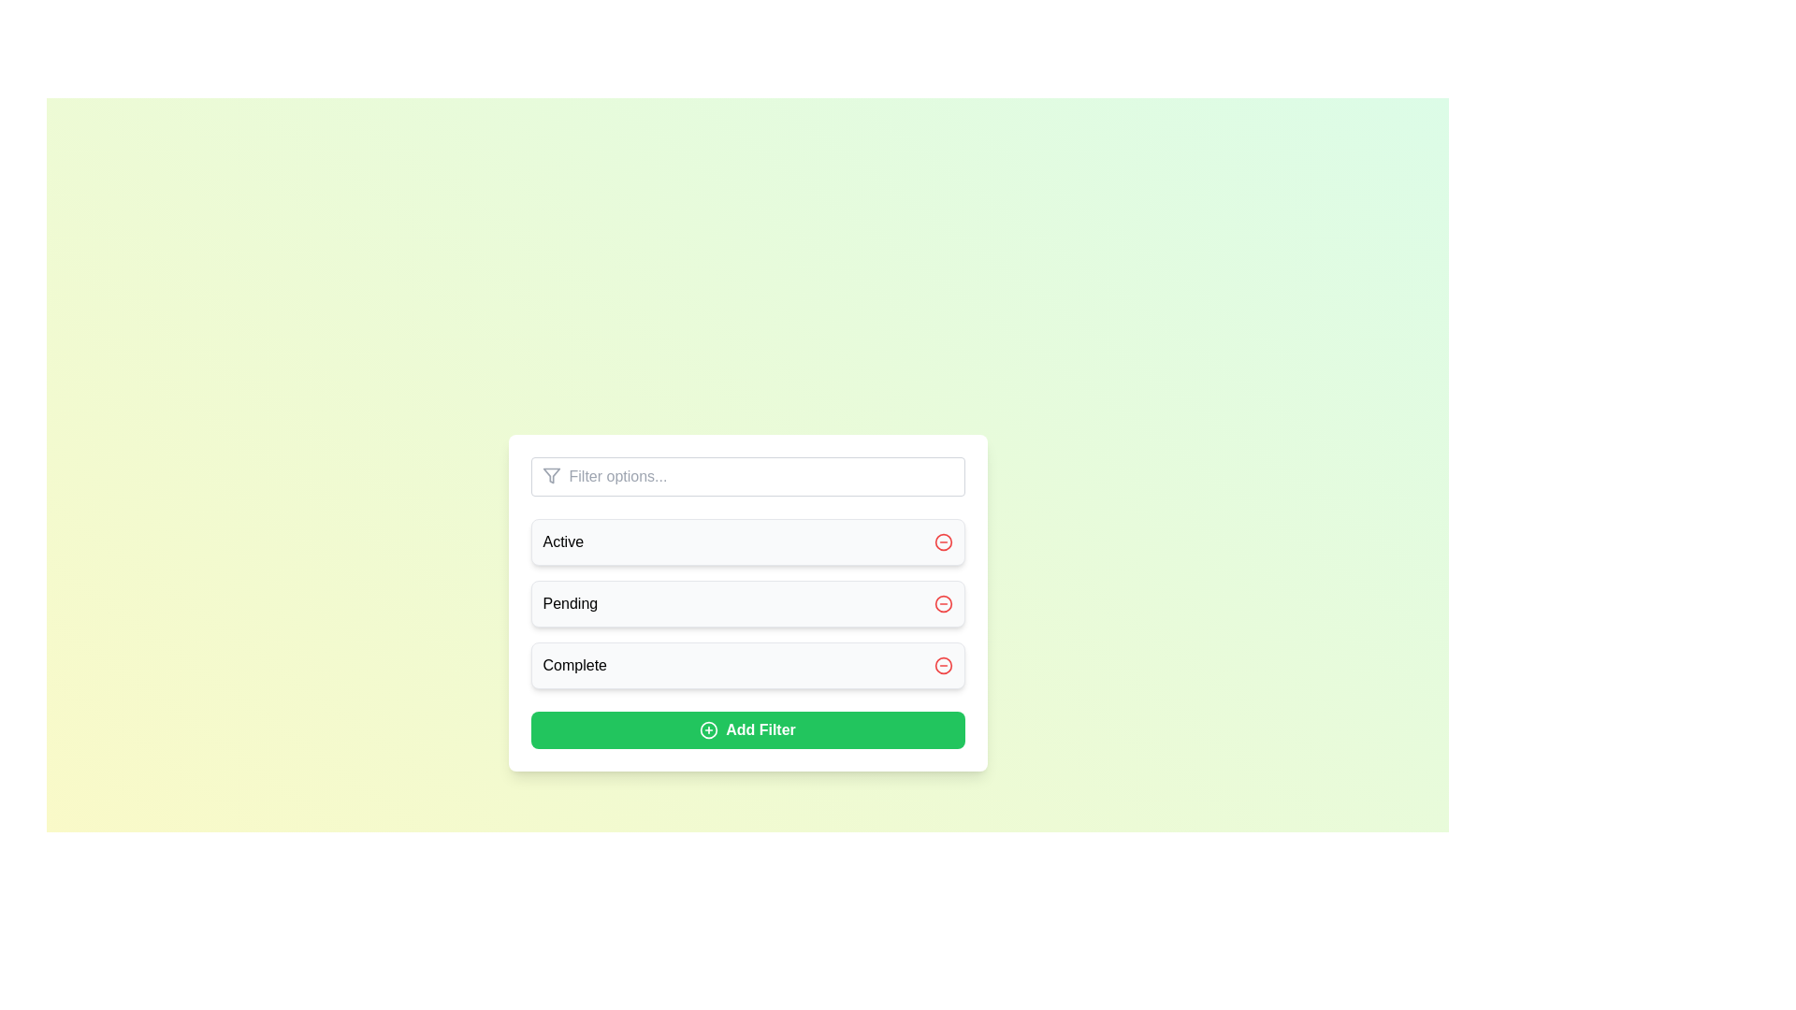 The height and width of the screenshot is (1010, 1796). I want to click on the third entry in the filter list, which has a textual label and a red interactive icon indicating a completed state, so click(746, 665).